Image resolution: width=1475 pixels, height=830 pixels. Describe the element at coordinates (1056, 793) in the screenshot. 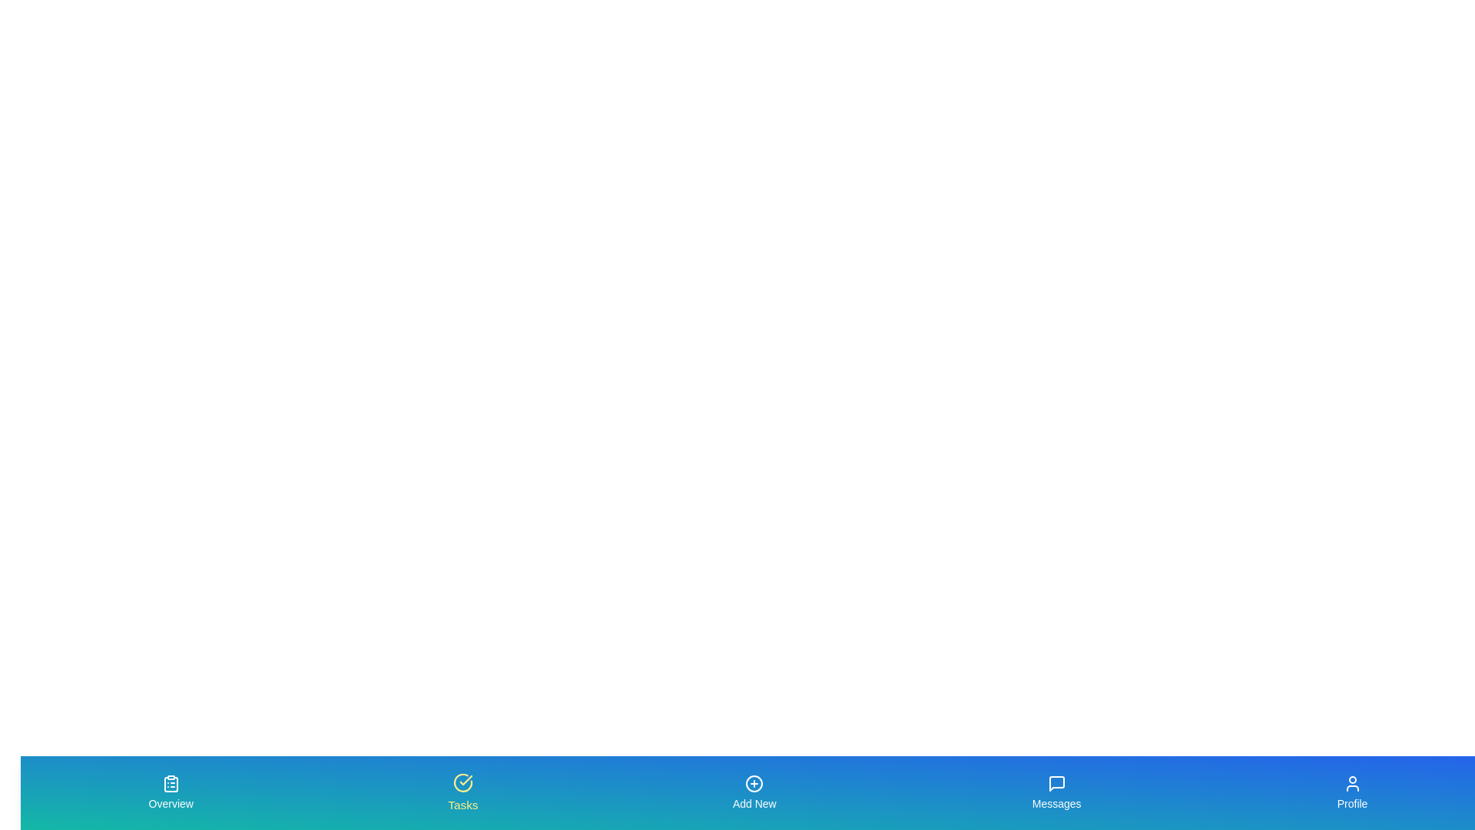

I see `the tab labeled 'Messages' to trigger its hover effect` at that location.